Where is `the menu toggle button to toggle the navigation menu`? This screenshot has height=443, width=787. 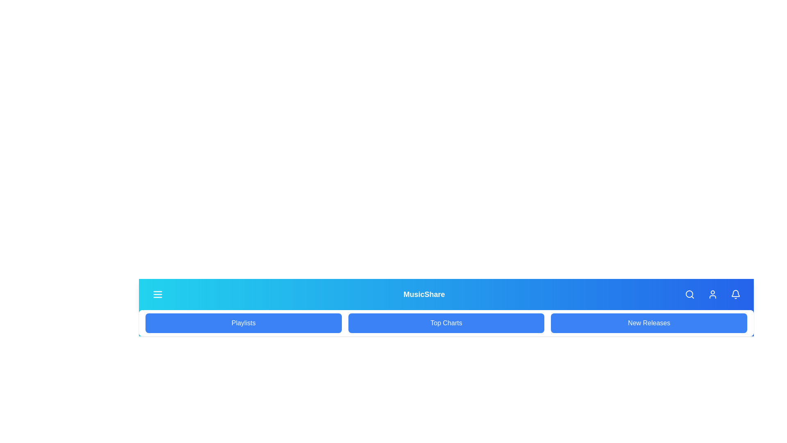
the menu toggle button to toggle the navigation menu is located at coordinates (157, 294).